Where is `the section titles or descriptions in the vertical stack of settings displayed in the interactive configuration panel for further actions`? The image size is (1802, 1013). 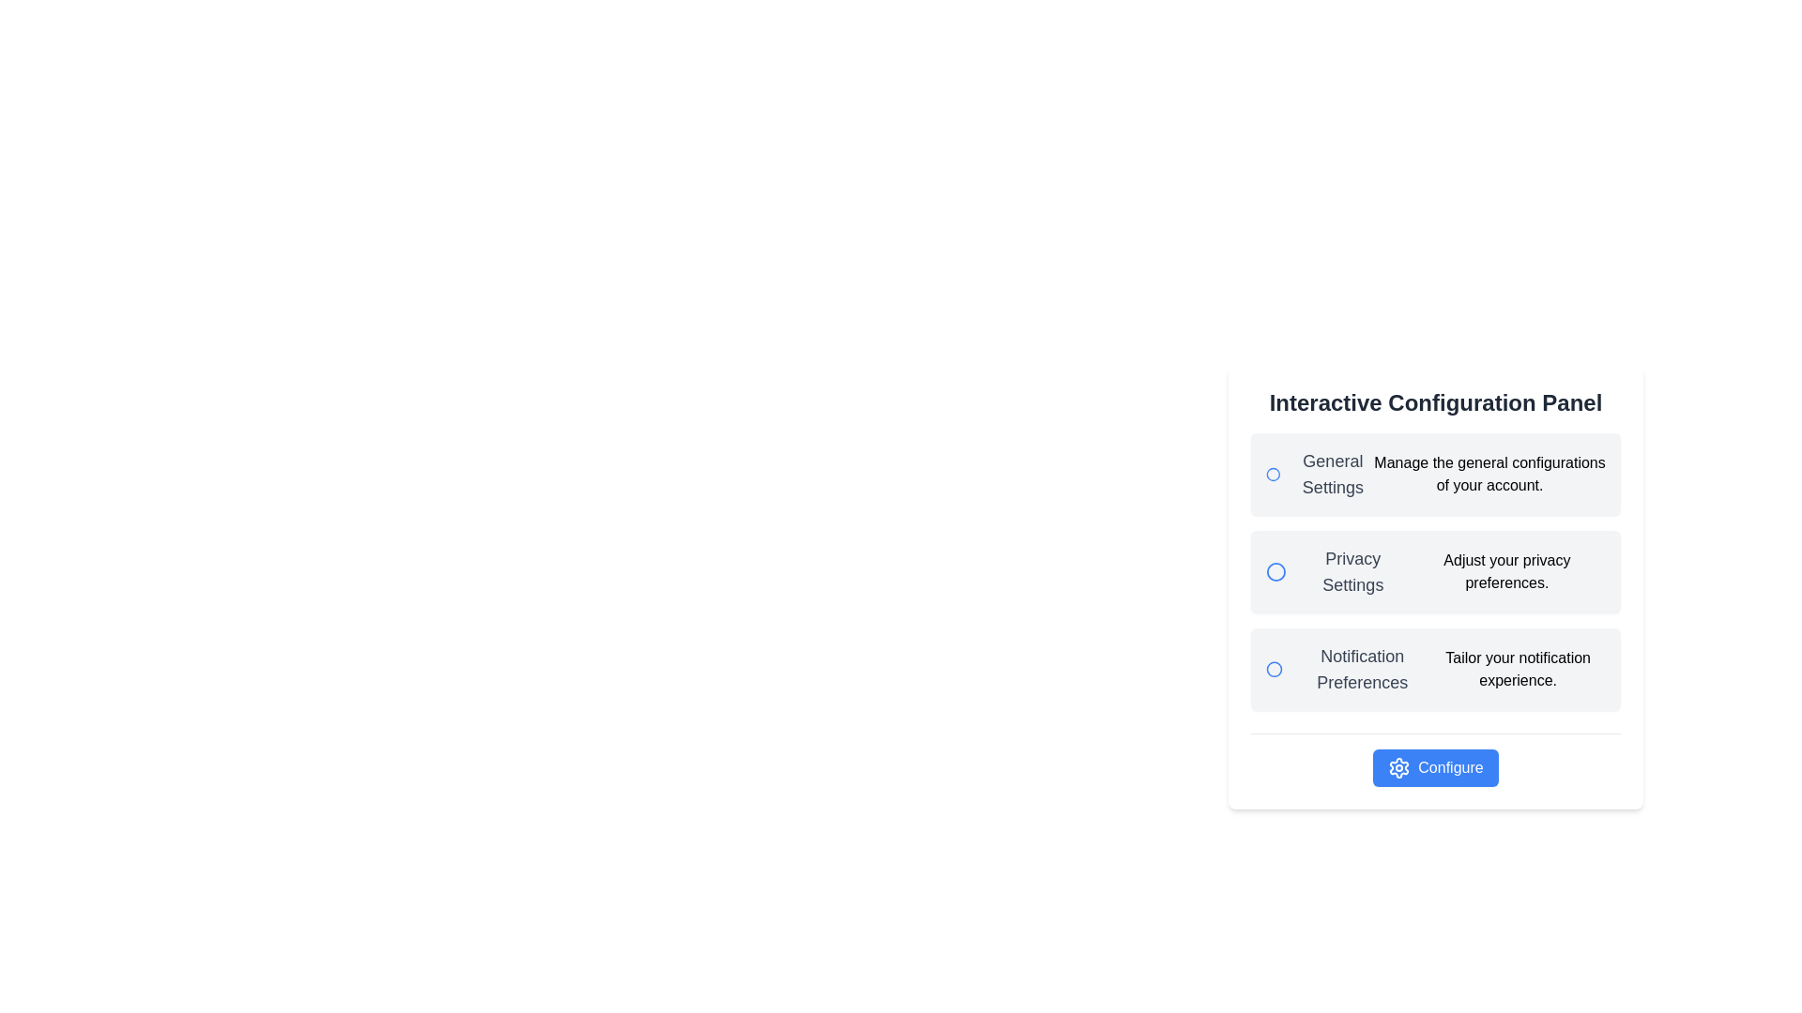 the section titles or descriptions in the vertical stack of settings displayed in the interactive configuration panel for further actions is located at coordinates (1435, 570).